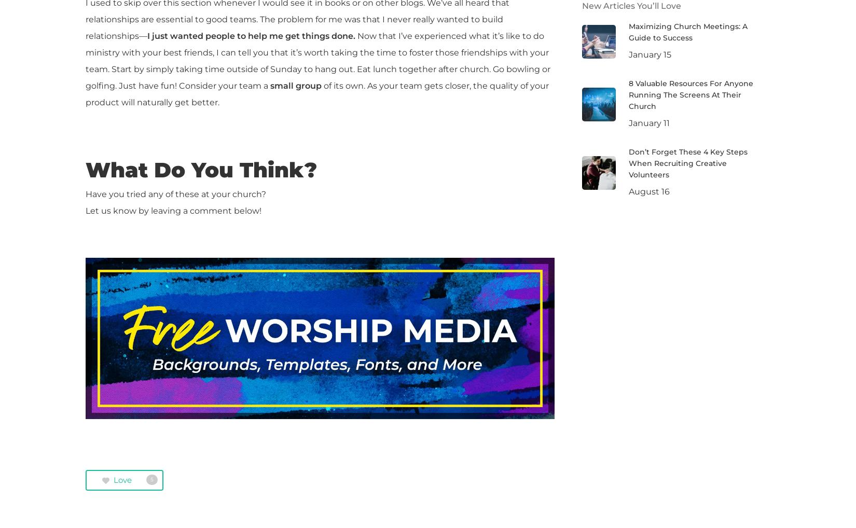 This screenshot has width=856, height=528. What do you see at coordinates (690, 94) in the screenshot?
I see `'8 Valuable Resources For Anyone Running The Screens At Their Church'` at bounding box center [690, 94].